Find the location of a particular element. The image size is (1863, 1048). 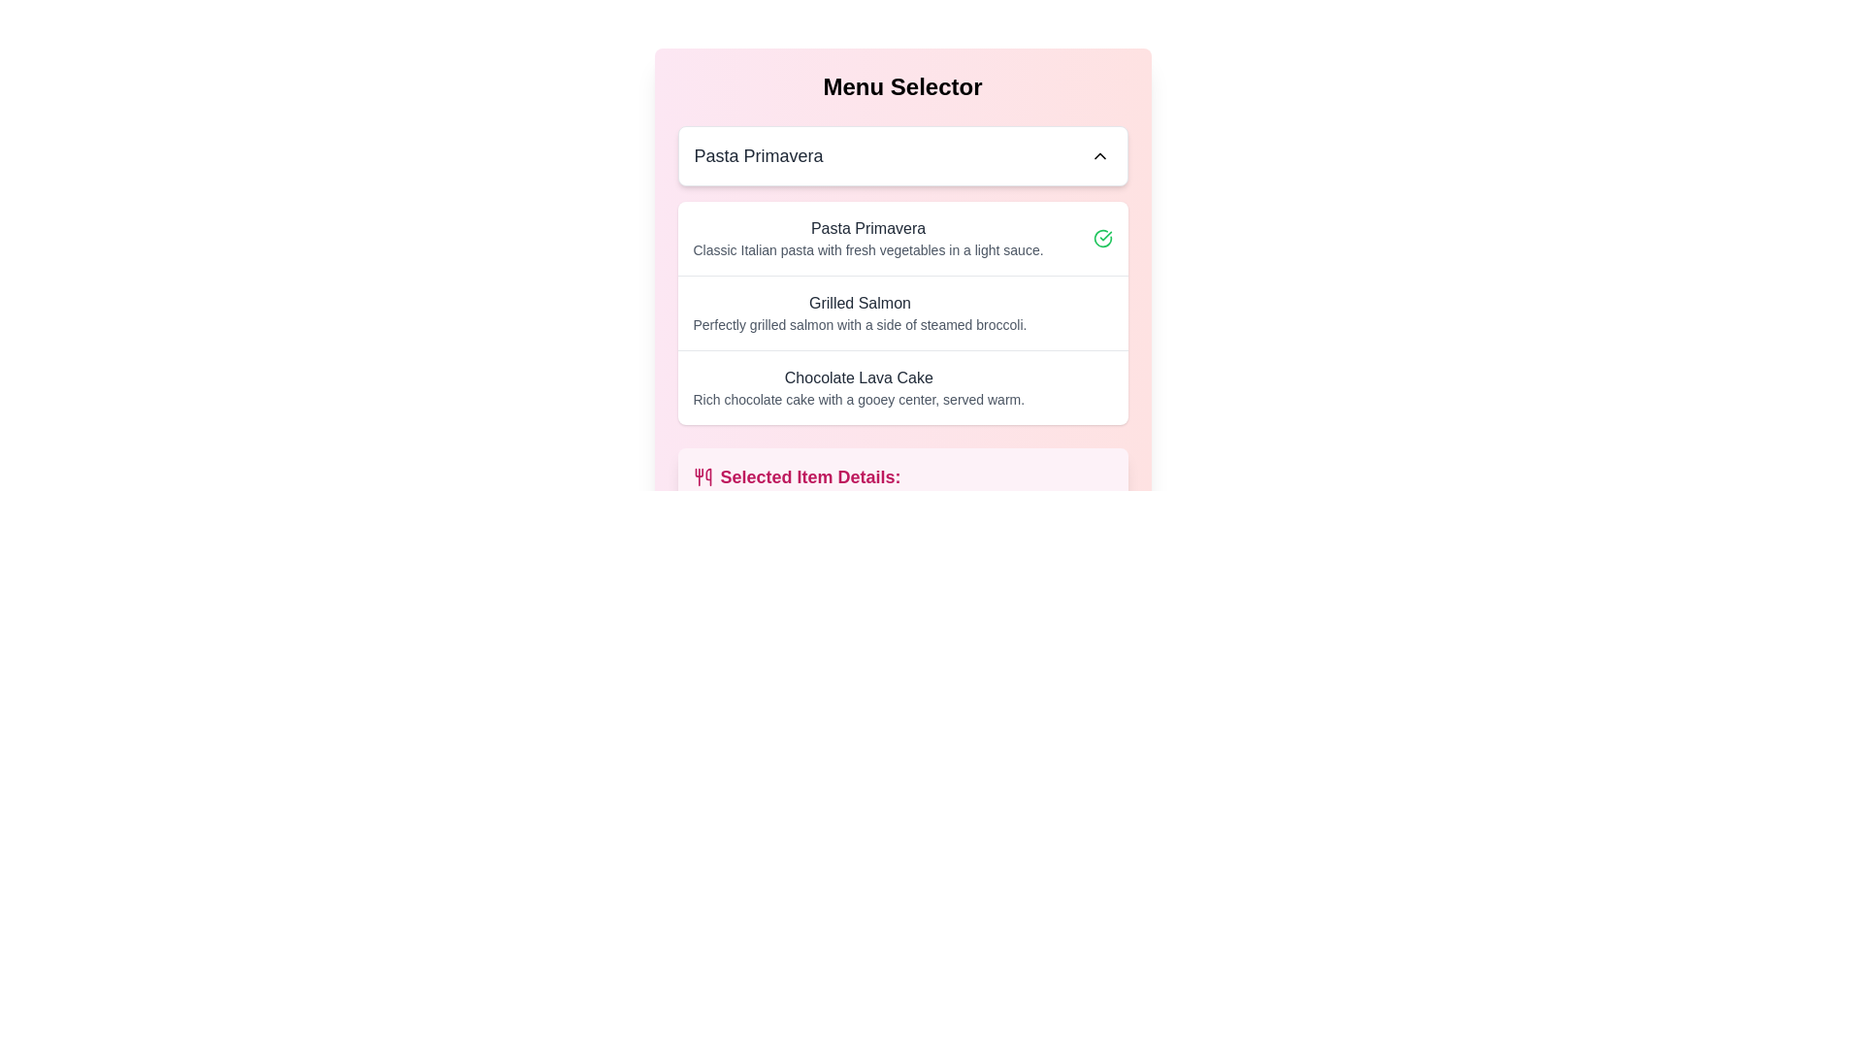

the text element that describes 'Classic Italian pasta with fresh vegetables in a light sauce,' located below the 'Pasta Primavera' heading is located at coordinates (867, 249).